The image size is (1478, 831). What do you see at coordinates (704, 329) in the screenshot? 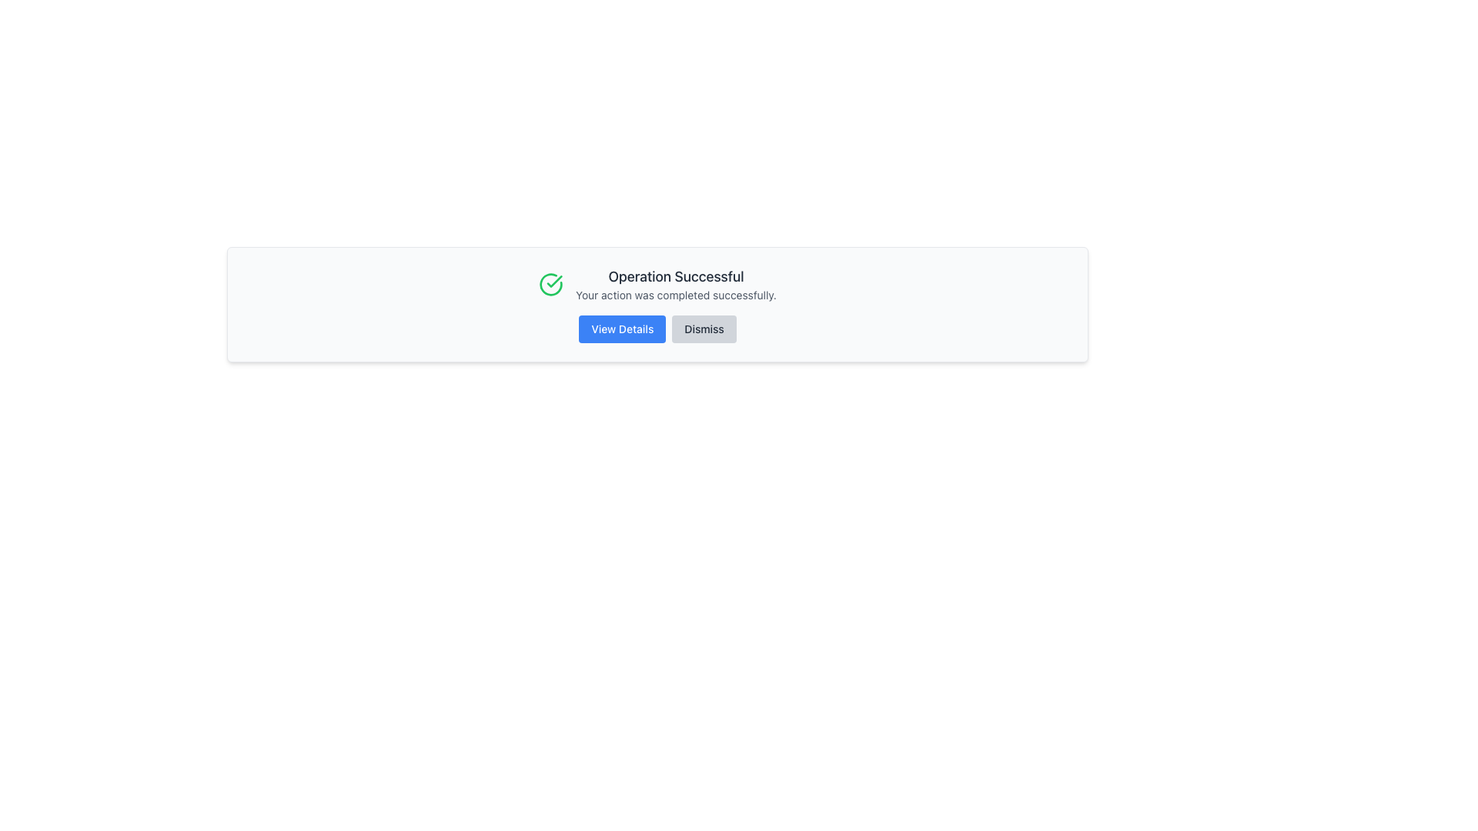
I see `the 'Dismiss' button, which is a rectangular button with a light gray background and dark gray text, to observe its hover effect` at bounding box center [704, 329].